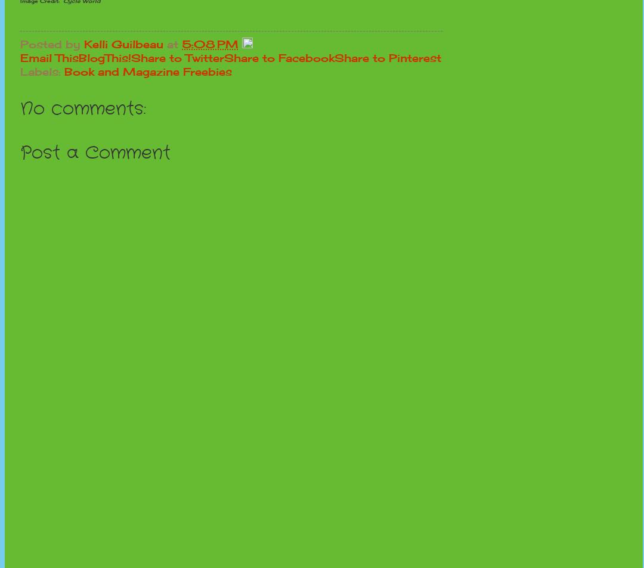 The height and width of the screenshot is (568, 644). I want to click on 'Posted by', so click(20, 43).